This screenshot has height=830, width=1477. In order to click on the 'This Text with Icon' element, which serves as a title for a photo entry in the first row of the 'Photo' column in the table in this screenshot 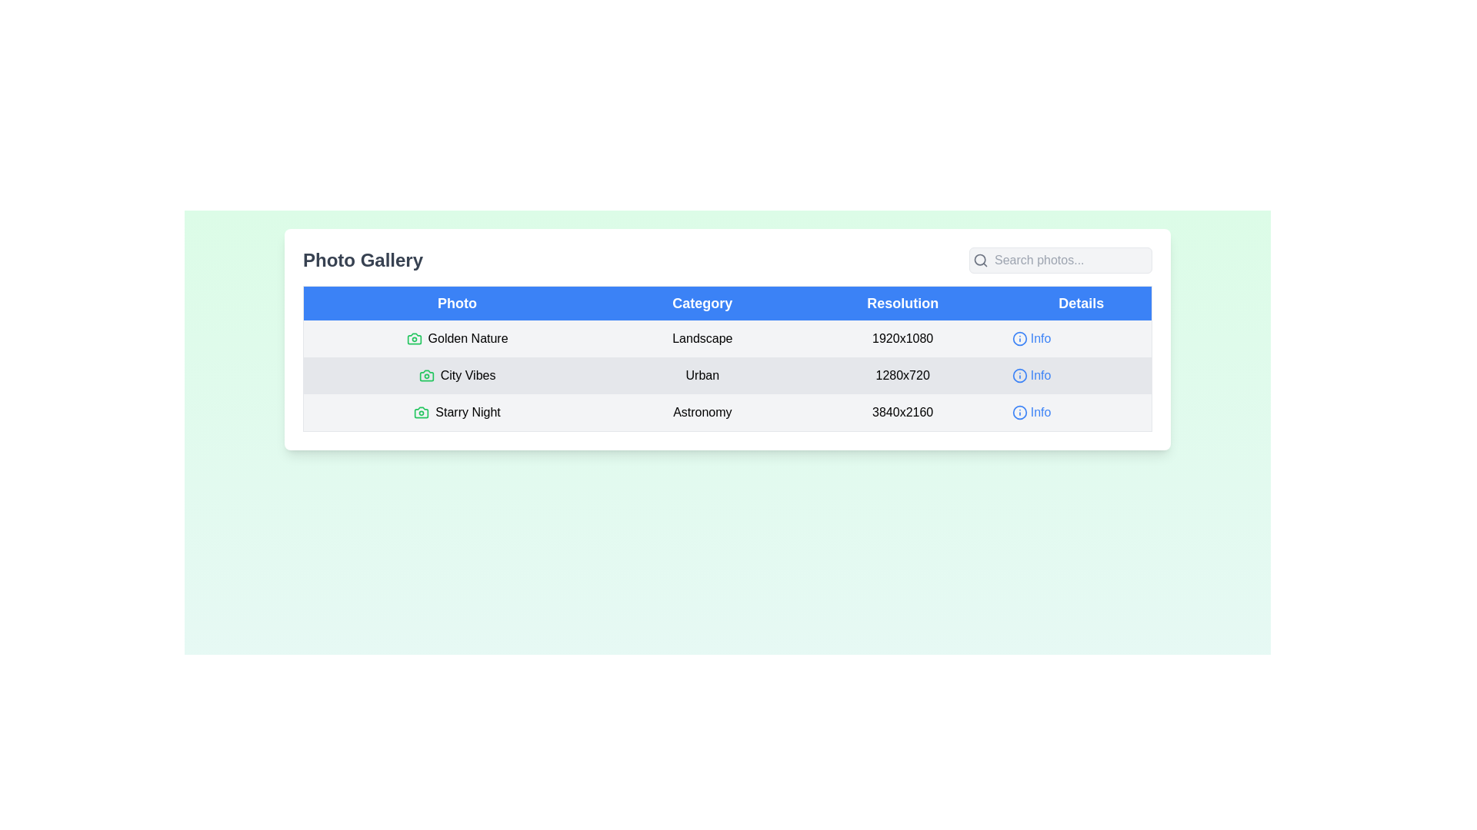, I will do `click(456, 337)`.